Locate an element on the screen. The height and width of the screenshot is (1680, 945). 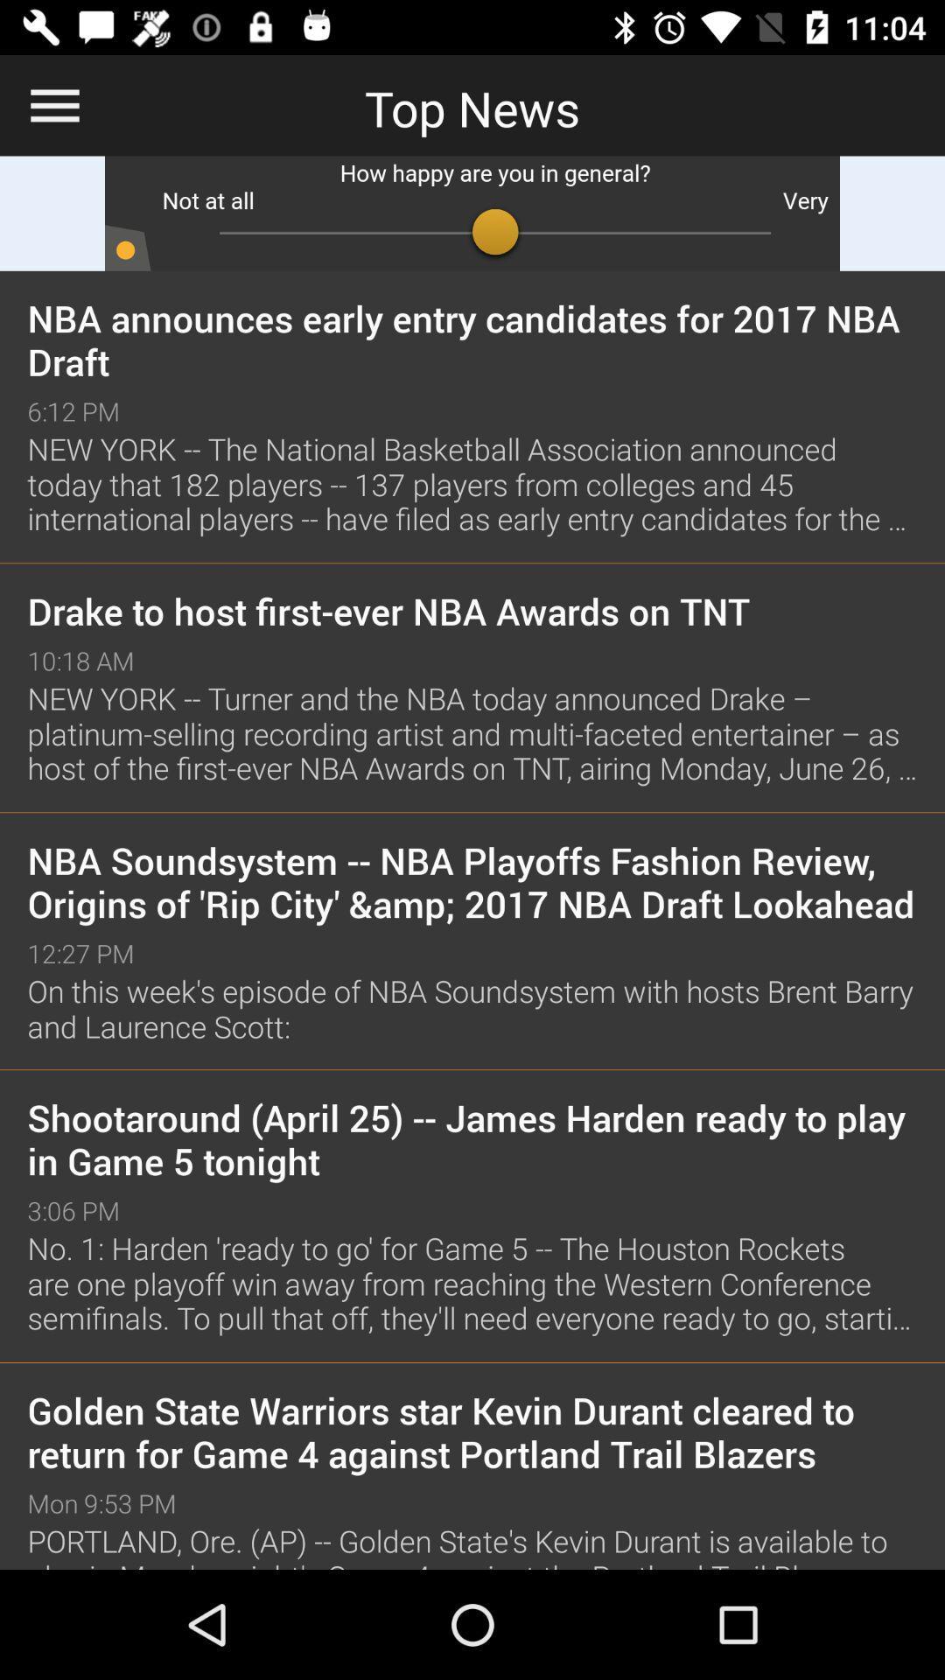
move of the option is located at coordinates (472, 213).